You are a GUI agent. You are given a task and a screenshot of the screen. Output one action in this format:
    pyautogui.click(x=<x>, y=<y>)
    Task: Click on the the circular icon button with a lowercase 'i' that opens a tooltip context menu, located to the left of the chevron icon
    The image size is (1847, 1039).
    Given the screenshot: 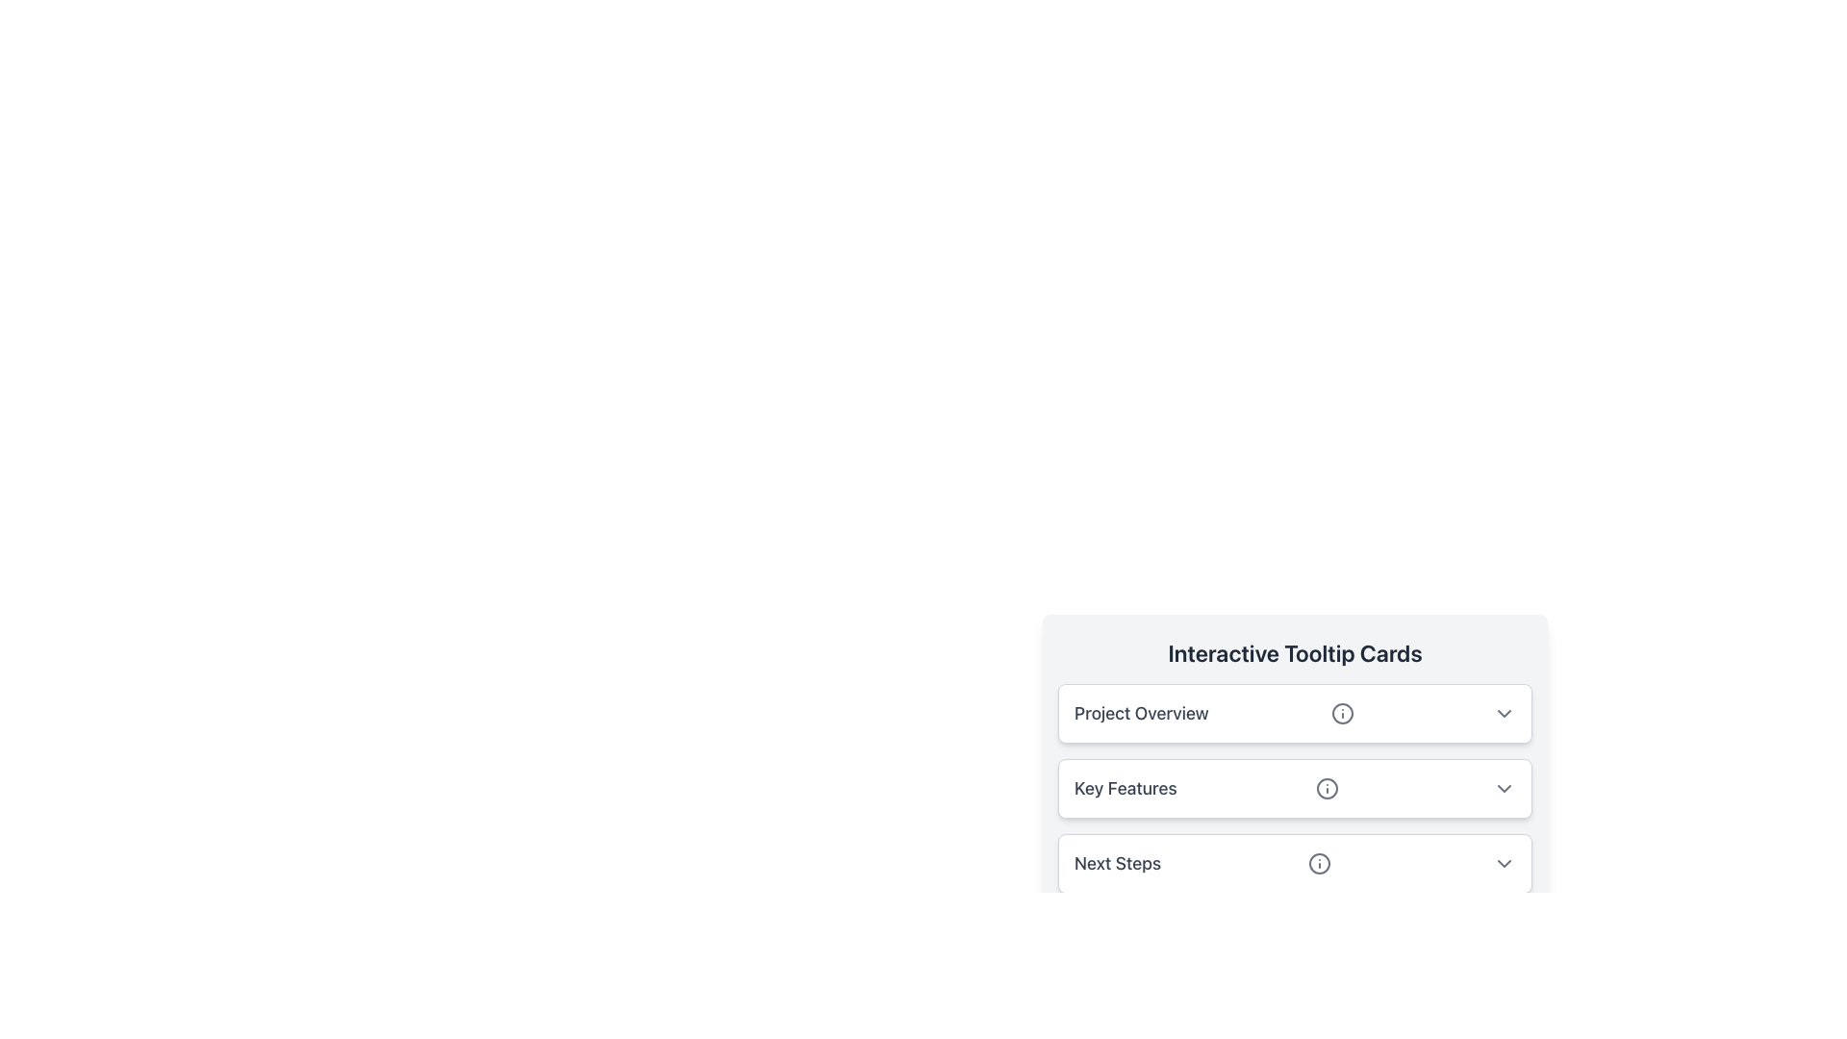 What is the action you would take?
    pyautogui.click(x=1318, y=863)
    